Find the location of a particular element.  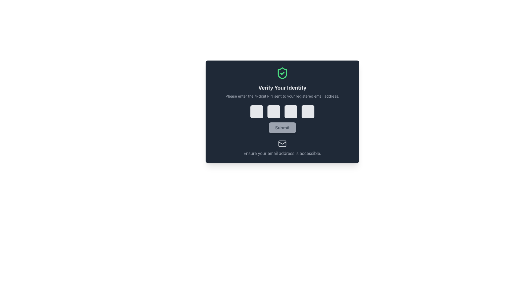

the non-interactive informational message block reminding users to ensure their email account is accessible, located at the bottom of the 'Verify Your Identity' card is located at coordinates (282, 148).